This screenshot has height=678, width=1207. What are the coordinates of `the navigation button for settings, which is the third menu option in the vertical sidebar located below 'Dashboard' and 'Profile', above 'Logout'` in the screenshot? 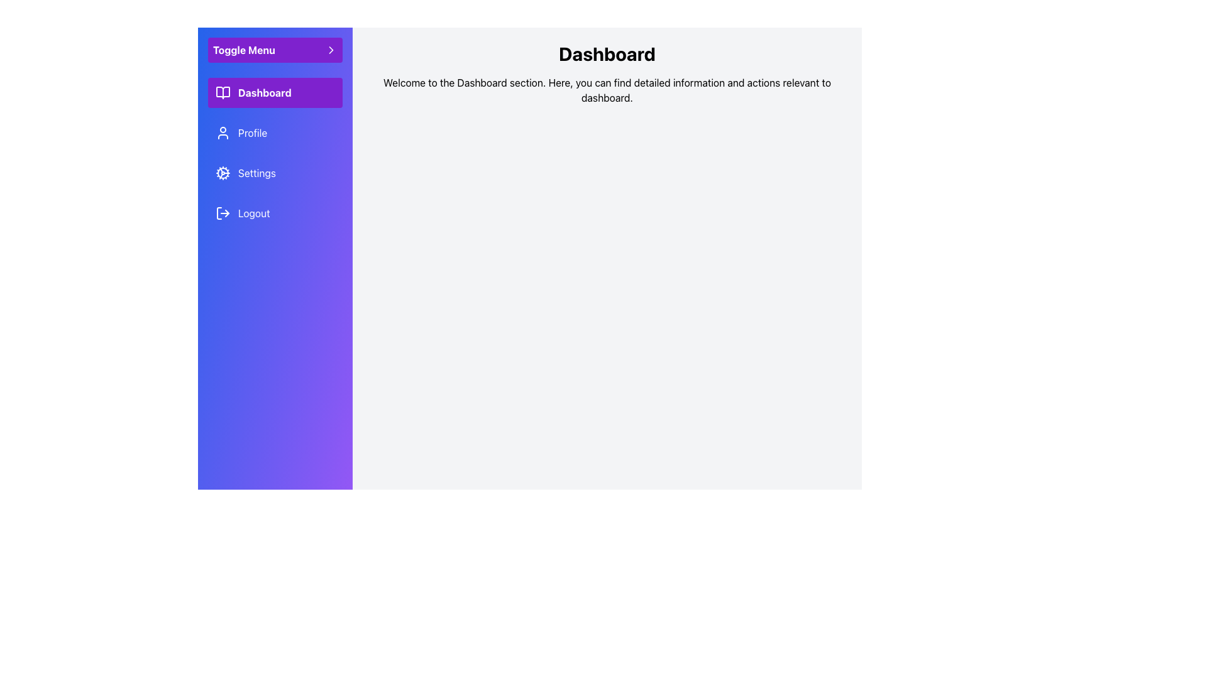 It's located at (274, 173).